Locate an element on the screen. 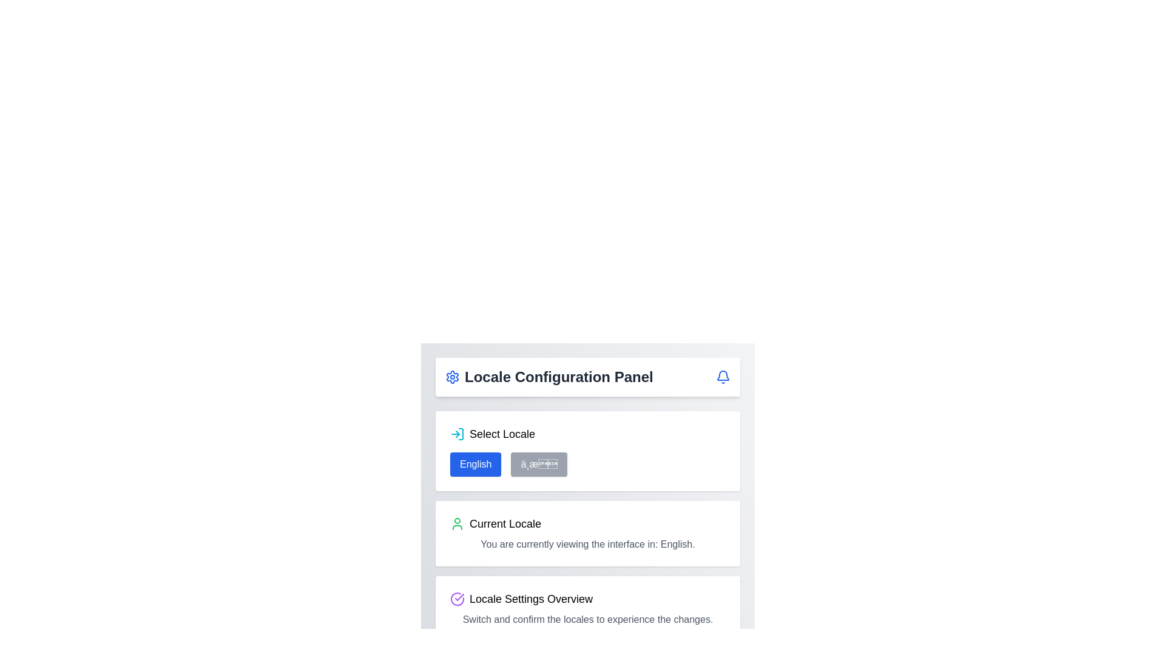 This screenshot has width=1165, height=655. the outer circular arc segment of the SVG icon labeled 'lucide-circle-check-big', styled with a purple outline, located at the bottom-right of the Locale Configuration Panel is located at coordinates (456, 598).